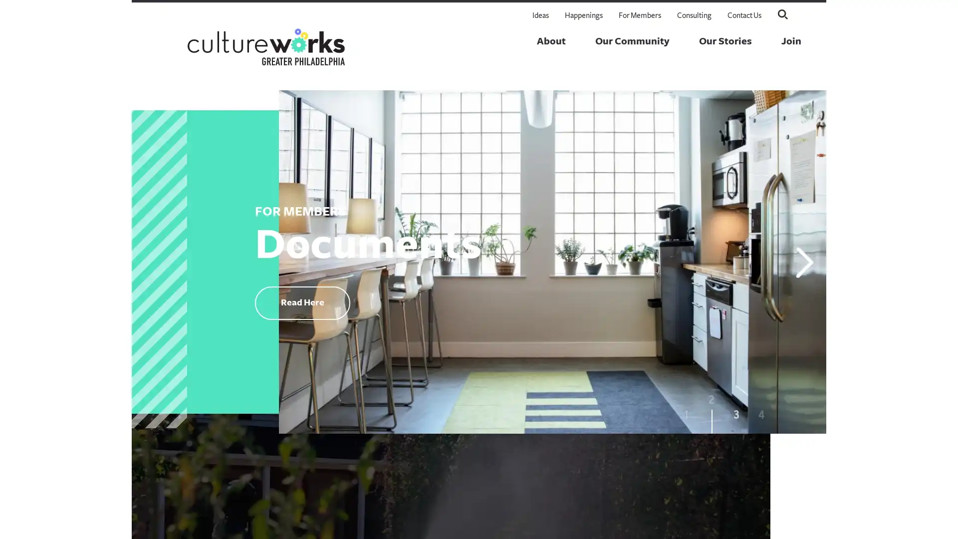 This screenshot has height=539, width=958. What do you see at coordinates (736, 418) in the screenshot?
I see `3` at bounding box center [736, 418].